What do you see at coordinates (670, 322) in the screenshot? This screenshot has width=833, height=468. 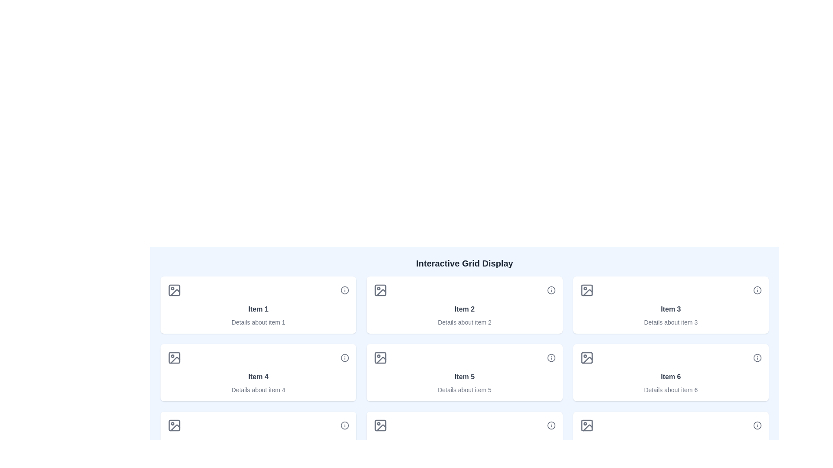 I see `text label displaying 'Details about item 3', which is a small-sized text section in a lighter gray color located below the title 'Item 3'` at bounding box center [670, 322].